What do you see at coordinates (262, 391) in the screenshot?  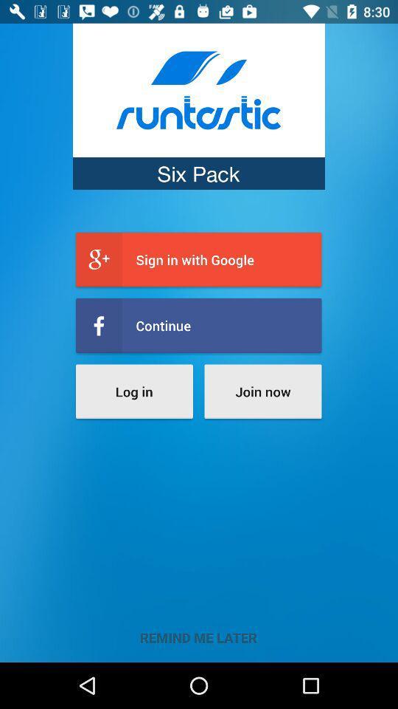 I see `the join now icon` at bounding box center [262, 391].